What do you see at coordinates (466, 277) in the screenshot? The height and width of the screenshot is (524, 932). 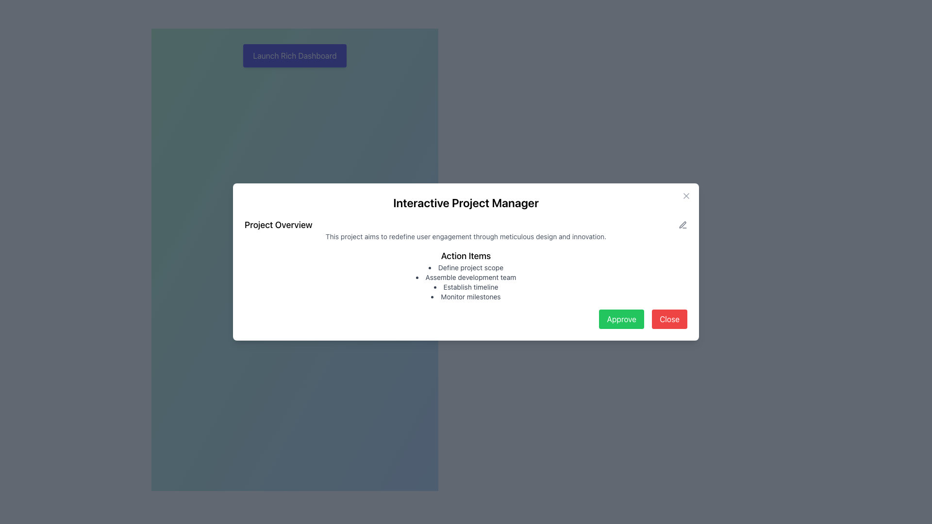 I see `the bullet point text reading 'Assemble development team', which is the second item in the list under 'Action Items'` at bounding box center [466, 277].